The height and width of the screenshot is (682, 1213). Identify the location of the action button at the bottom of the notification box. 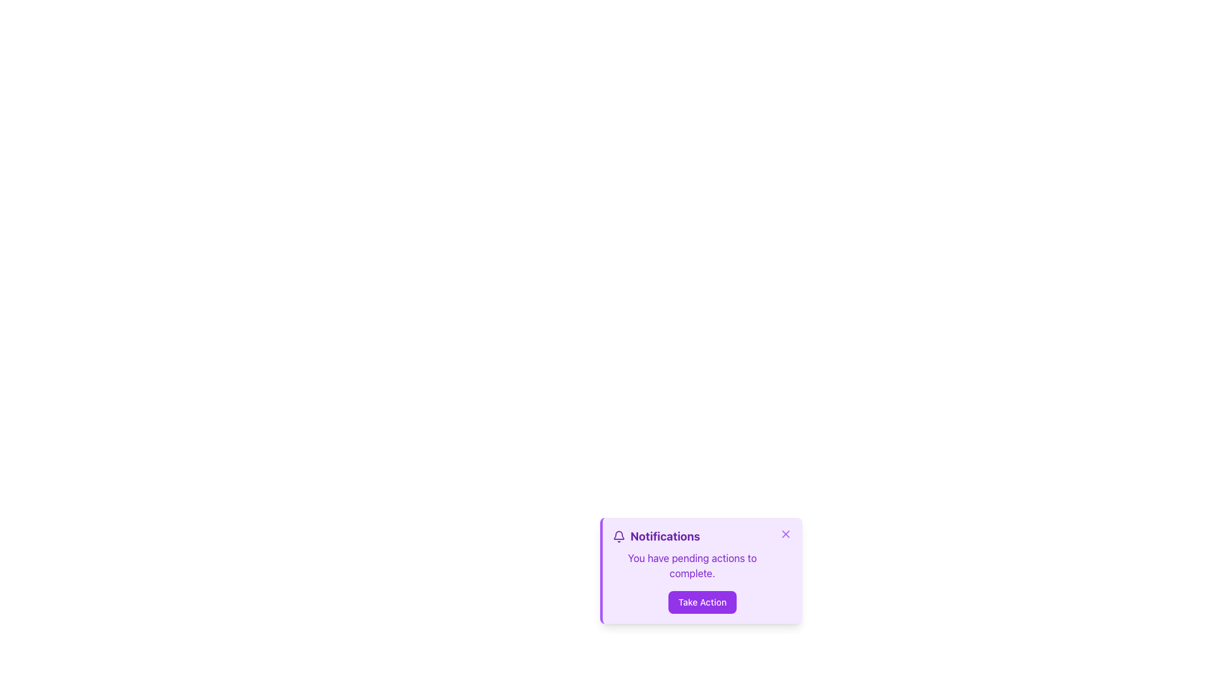
(702, 601).